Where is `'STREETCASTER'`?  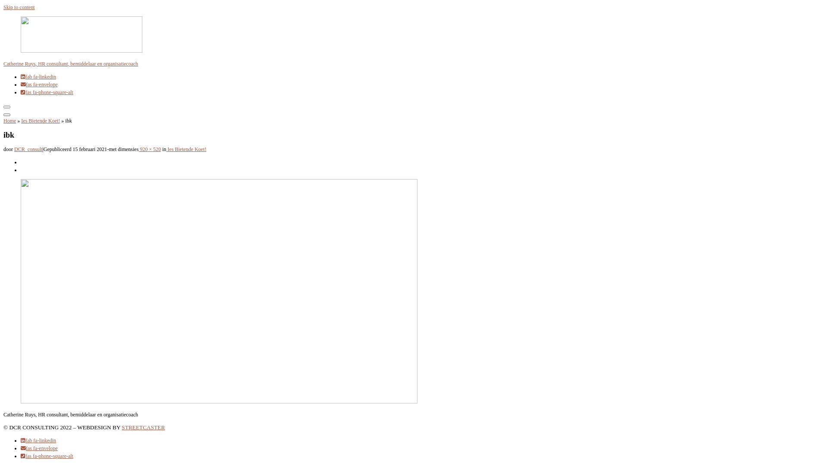
'STREETCASTER' is located at coordinates (121, 427).